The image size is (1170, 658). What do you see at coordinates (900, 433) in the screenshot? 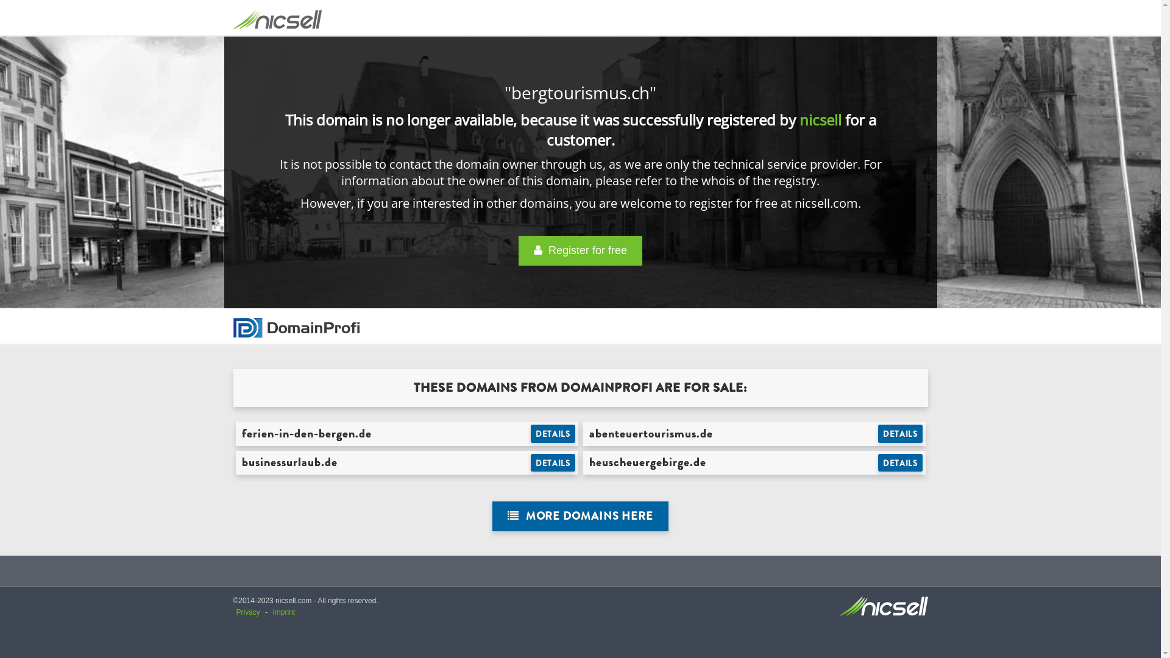
I see `'DETAILS'` at bounding box center [900, 433].